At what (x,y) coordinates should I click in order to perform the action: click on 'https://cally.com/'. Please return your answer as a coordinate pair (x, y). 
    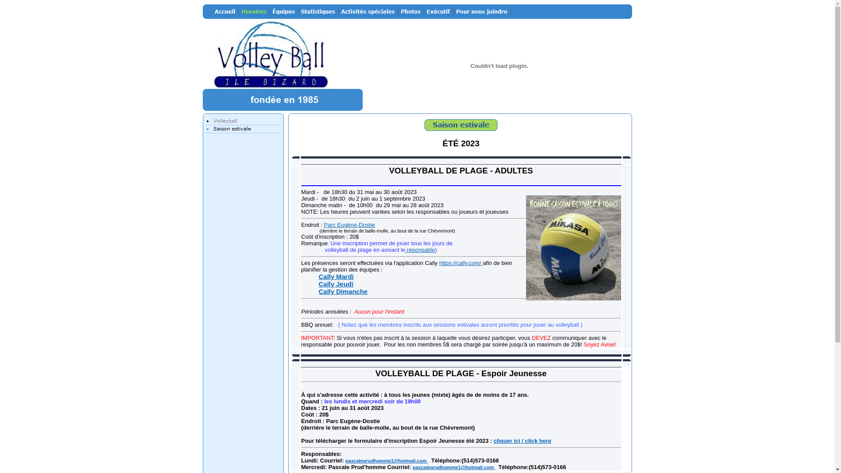
    Looking at the image, I should click on (460, 262).